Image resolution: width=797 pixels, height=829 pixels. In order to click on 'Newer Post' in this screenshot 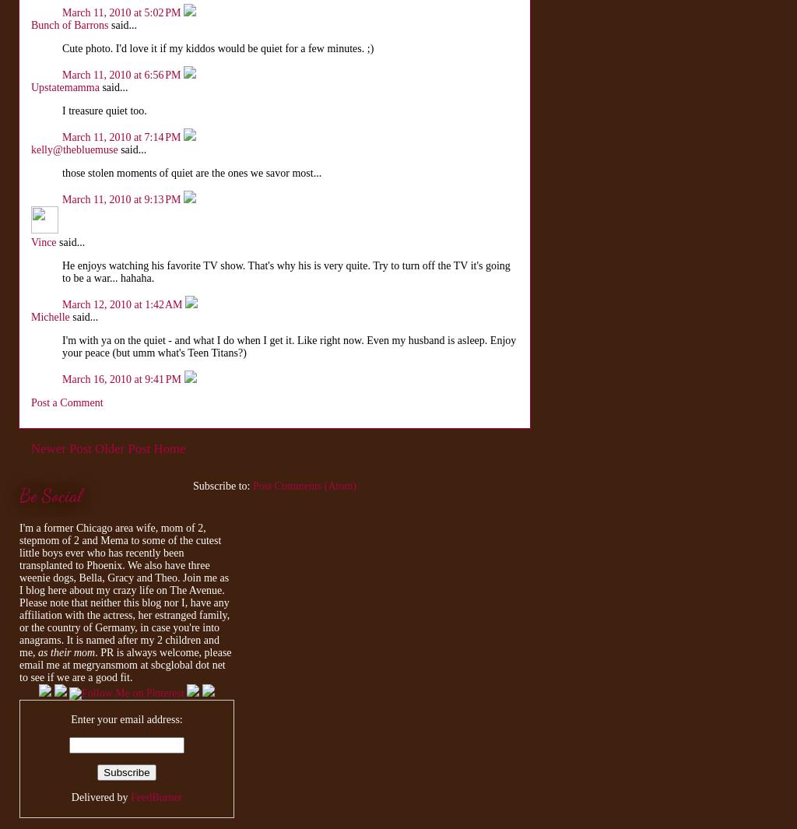, I will do `click(60, 448)`.